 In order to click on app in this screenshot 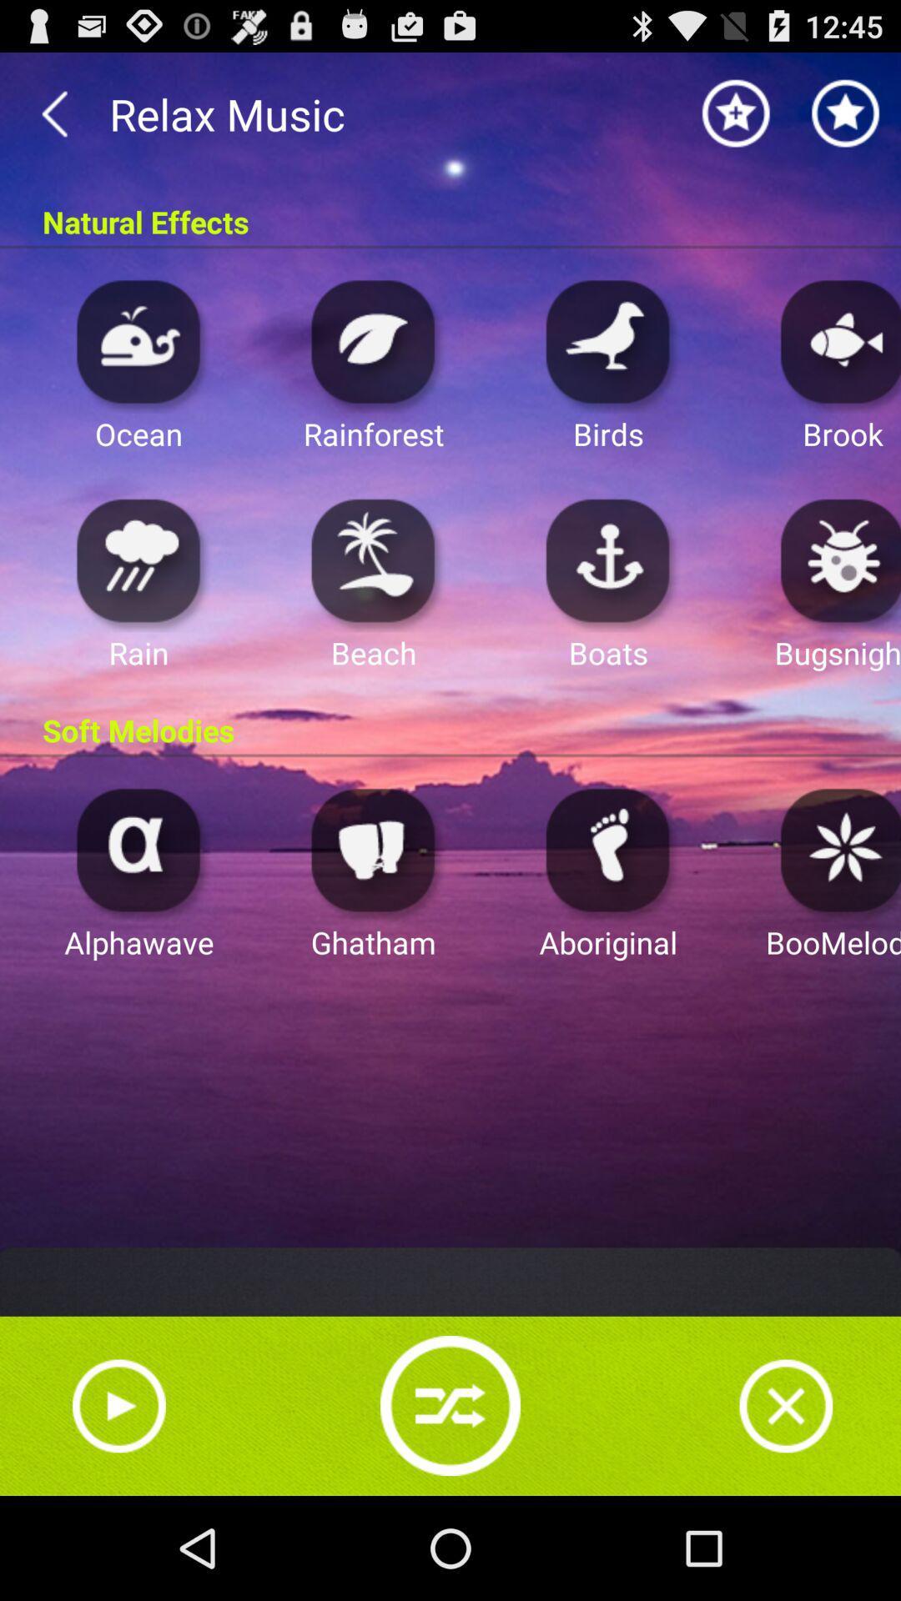, I will do `click(836, 560)`.